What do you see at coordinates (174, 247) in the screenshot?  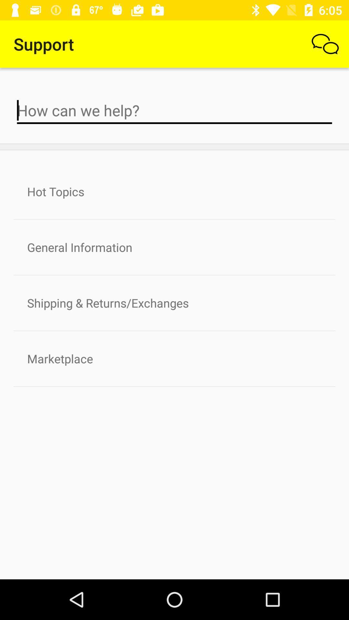 I see `the general information icon` at bounding box center [174, 247].